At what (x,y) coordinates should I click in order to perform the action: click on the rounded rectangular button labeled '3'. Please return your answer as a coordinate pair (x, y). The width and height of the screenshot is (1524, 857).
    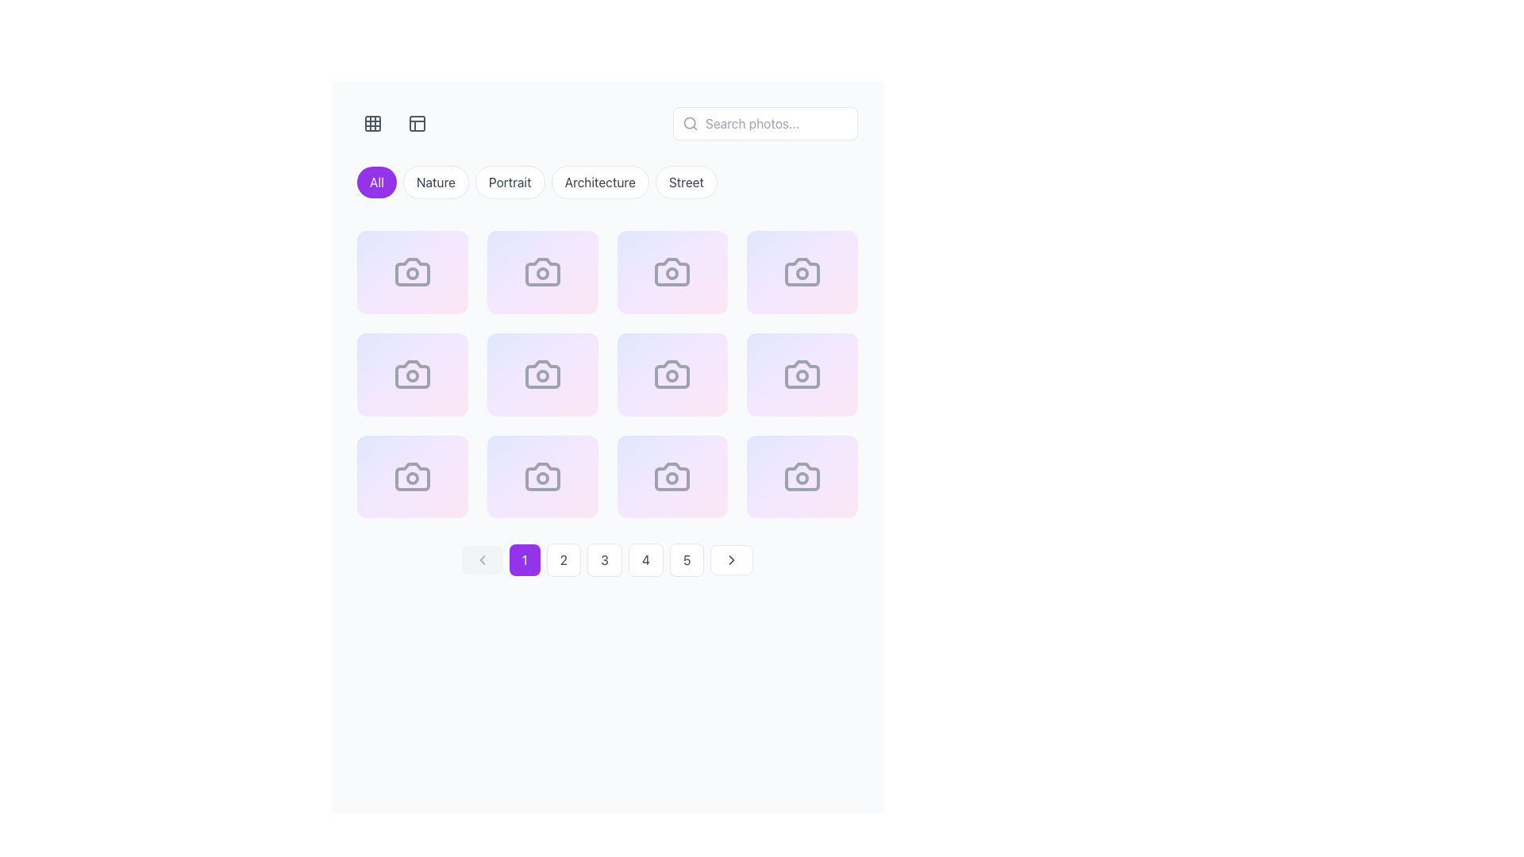
    Looking at the image, I should click on (606, 559).